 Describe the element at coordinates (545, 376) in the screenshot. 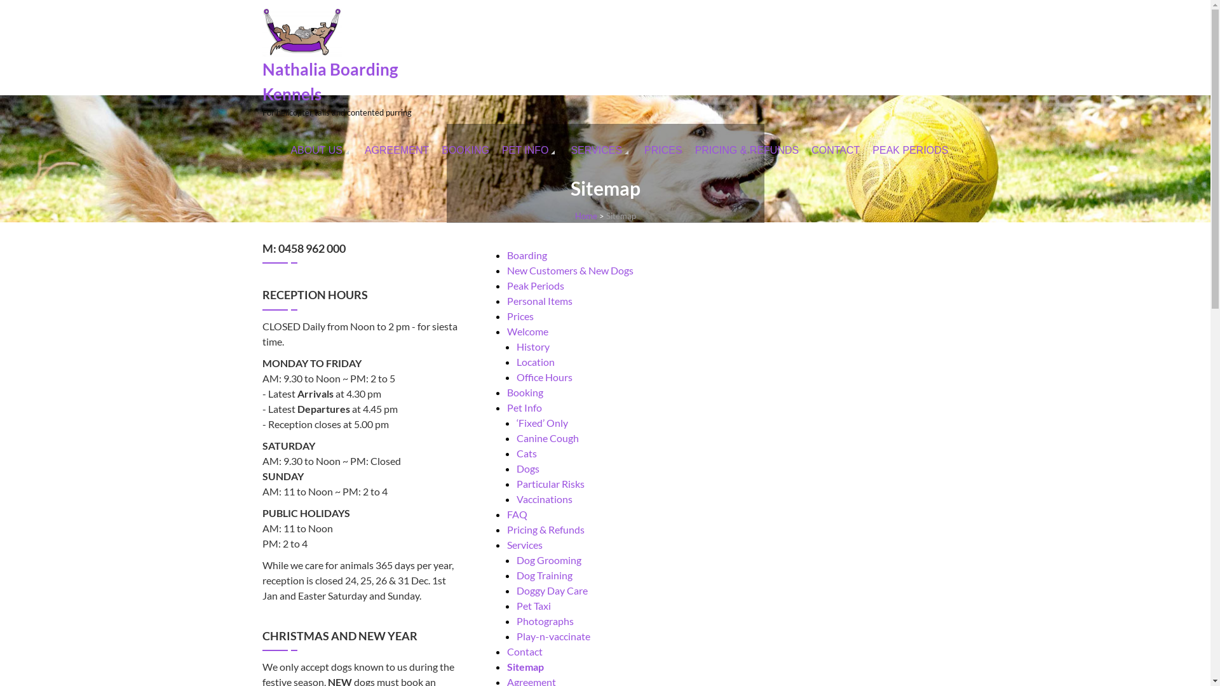

I see `'Office Hours'` at that location.